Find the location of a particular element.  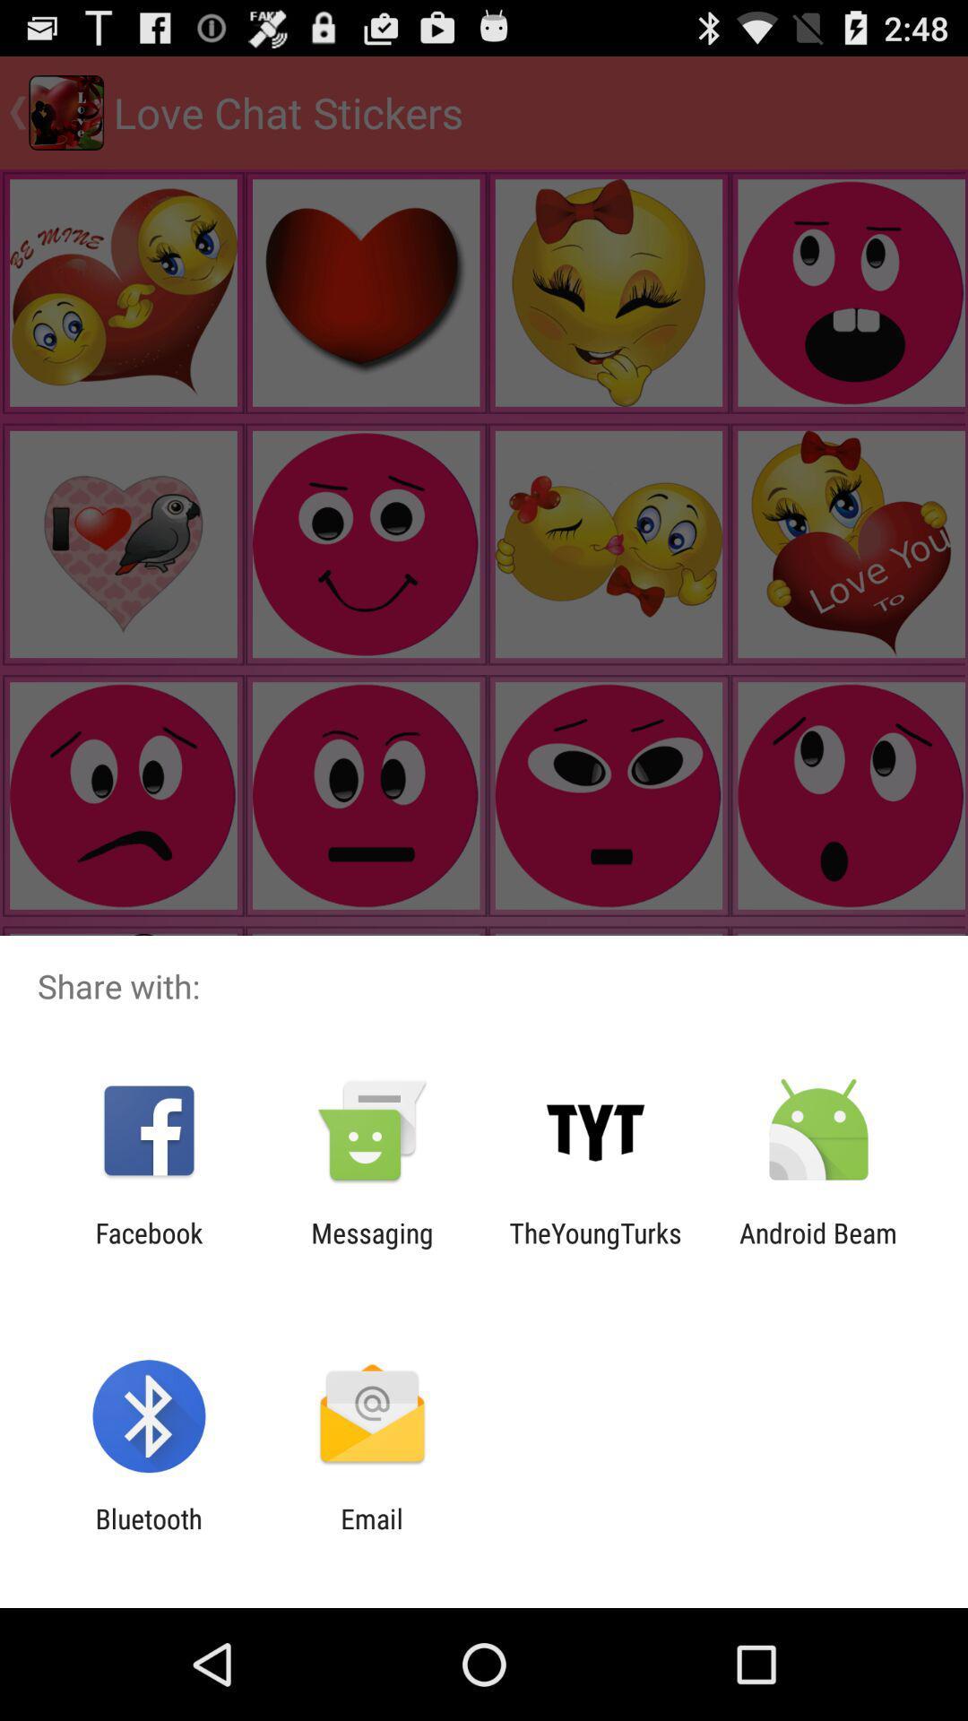

icon to the left of the android beam is located at coordinates (595, 1248).